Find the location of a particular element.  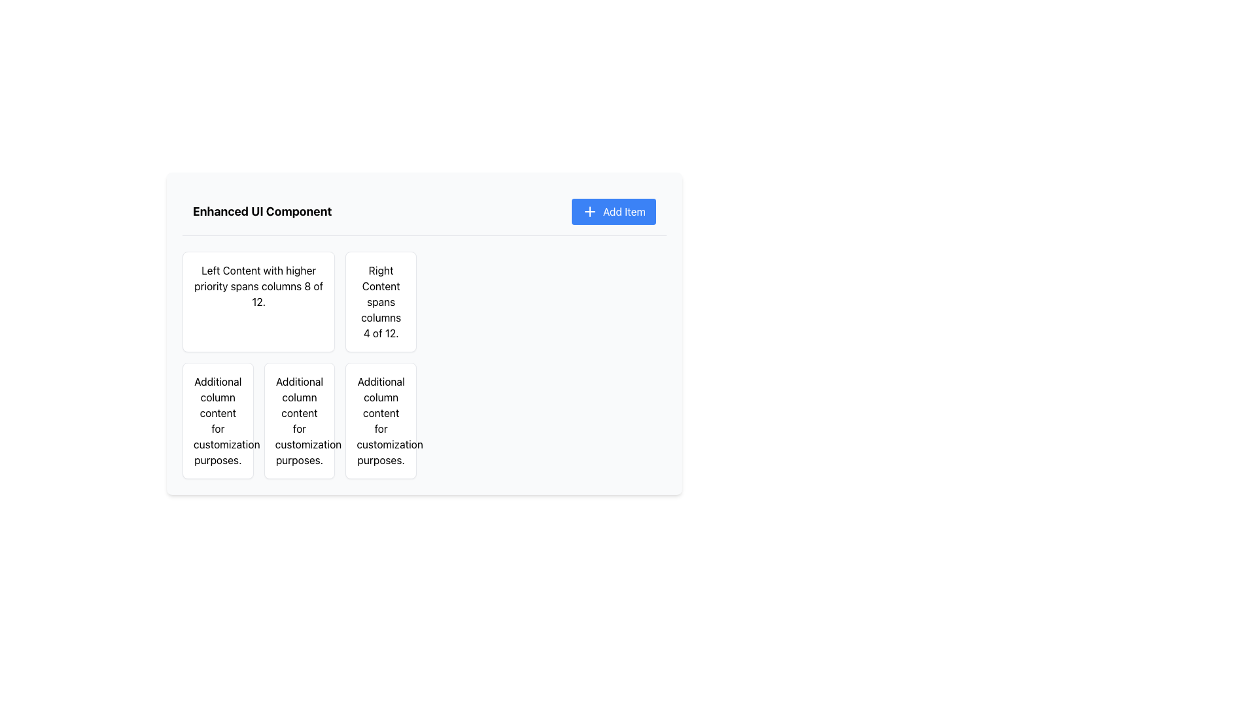

static text content that displays 'Left Content with higher priority spans columns 8 of 12.' located in the leftmost box of a two-column layout is located at coordinates (258, 286).